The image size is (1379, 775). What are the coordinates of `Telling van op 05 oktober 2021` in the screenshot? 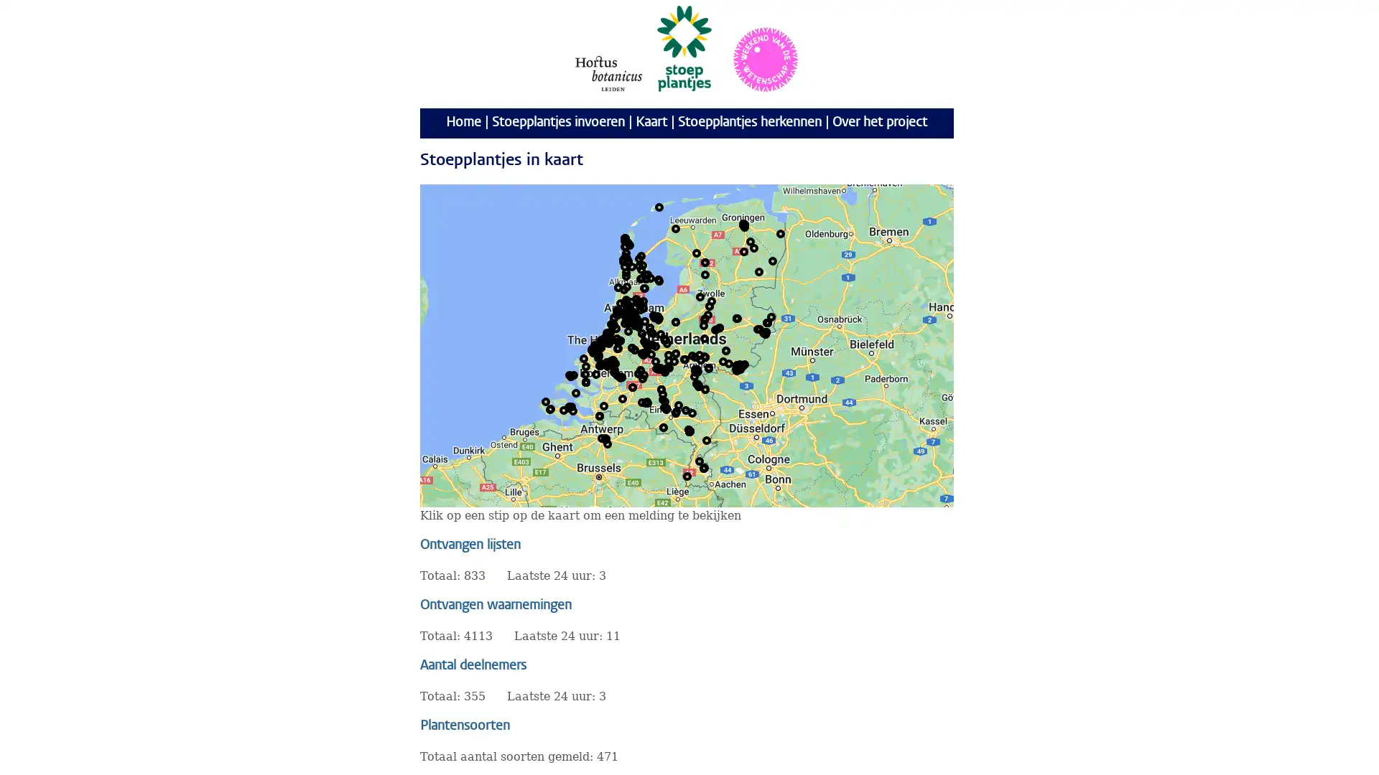 It's located at (628, 314).